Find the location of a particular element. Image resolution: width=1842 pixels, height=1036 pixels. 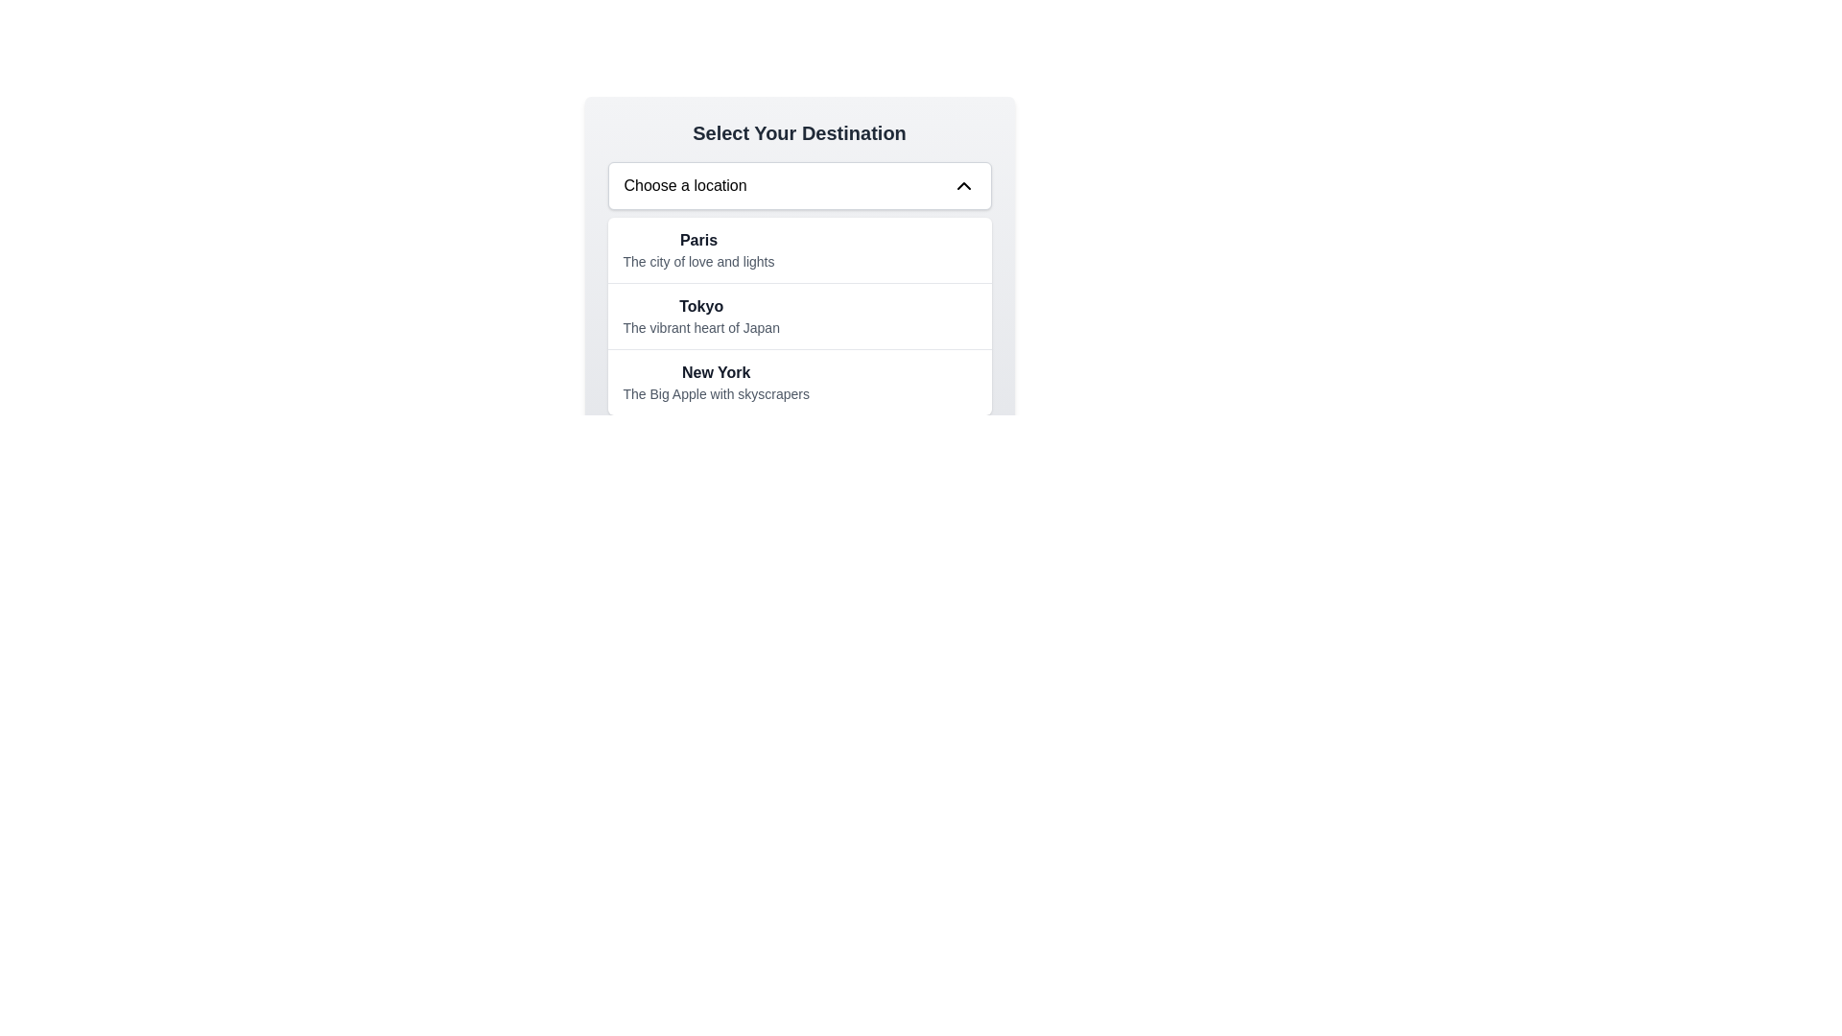

the bold, large-font text label saying 'Paris', which is styled in black and located within the 'Select Your Destination' dropdown menu is located at coordinates (697, 239).